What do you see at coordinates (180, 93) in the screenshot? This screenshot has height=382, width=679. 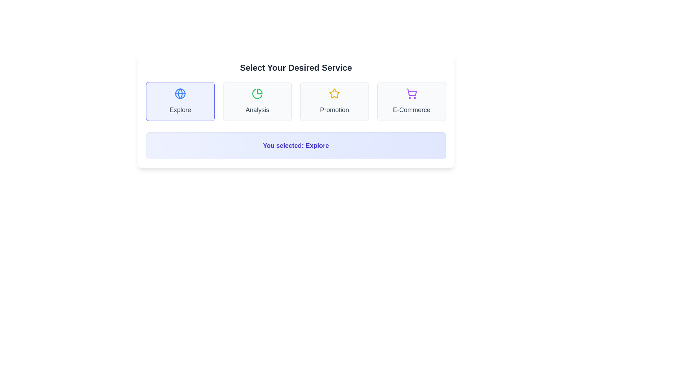 I see `SVG graphical element representing the globe icon, which is part of the 'Explore' option in the 'Select Your Desired Service' section` at bounding box center [180, 93].